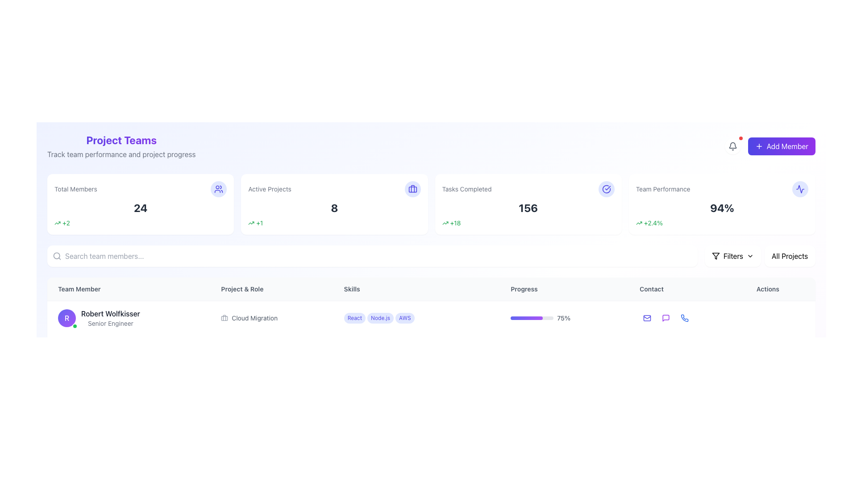 The width and height of the screenshot is (857, 482). I want to click on the text label displaying 'Team Performance' in grey color, located within the team statistics section, so click(663, 189).